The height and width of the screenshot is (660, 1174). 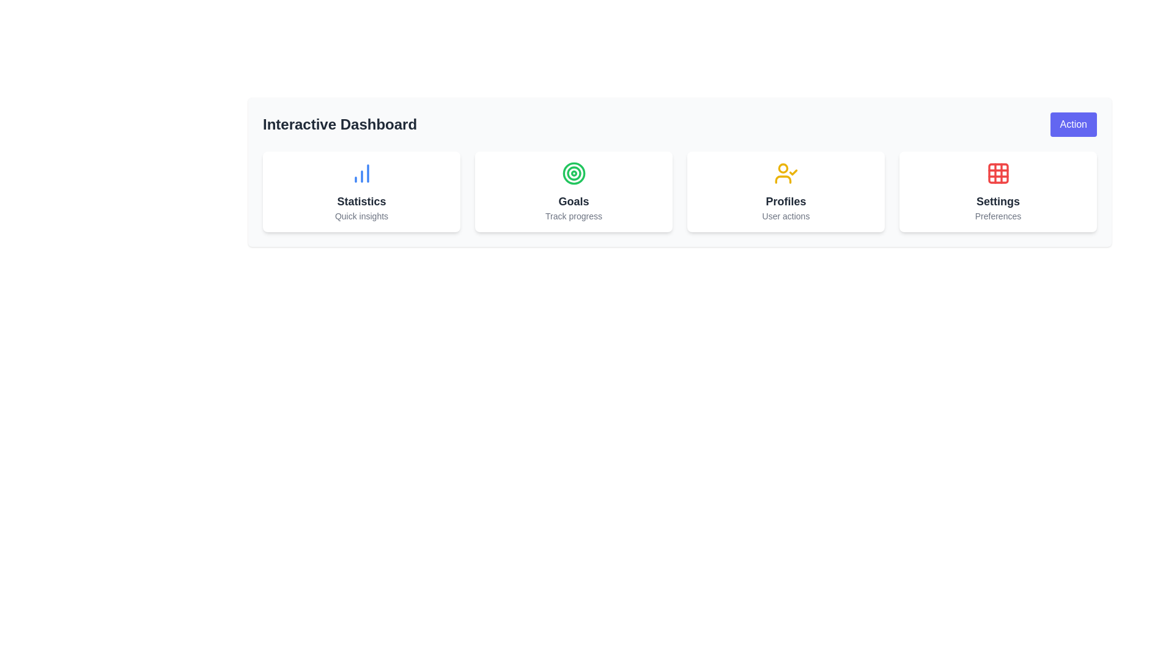 I want to click on the text label displaying 'Statistics' in a large, bold, dark gray font, located in the first card below the dashboard's main heading, above the subtitle 'Quick insights', so click(x=361, y=201).